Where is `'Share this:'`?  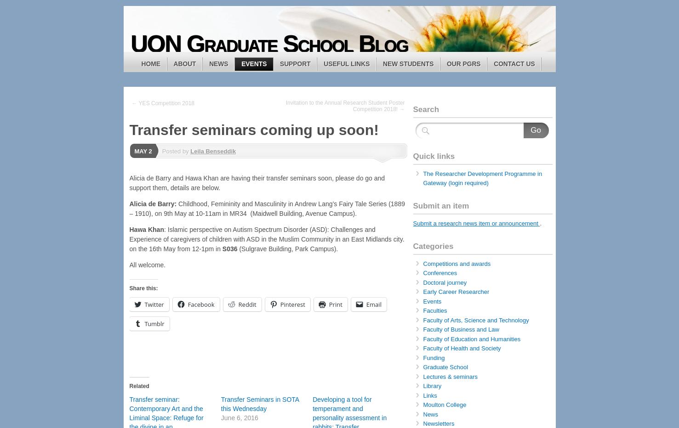 'Share this:' is located at coordinates (143, 287).